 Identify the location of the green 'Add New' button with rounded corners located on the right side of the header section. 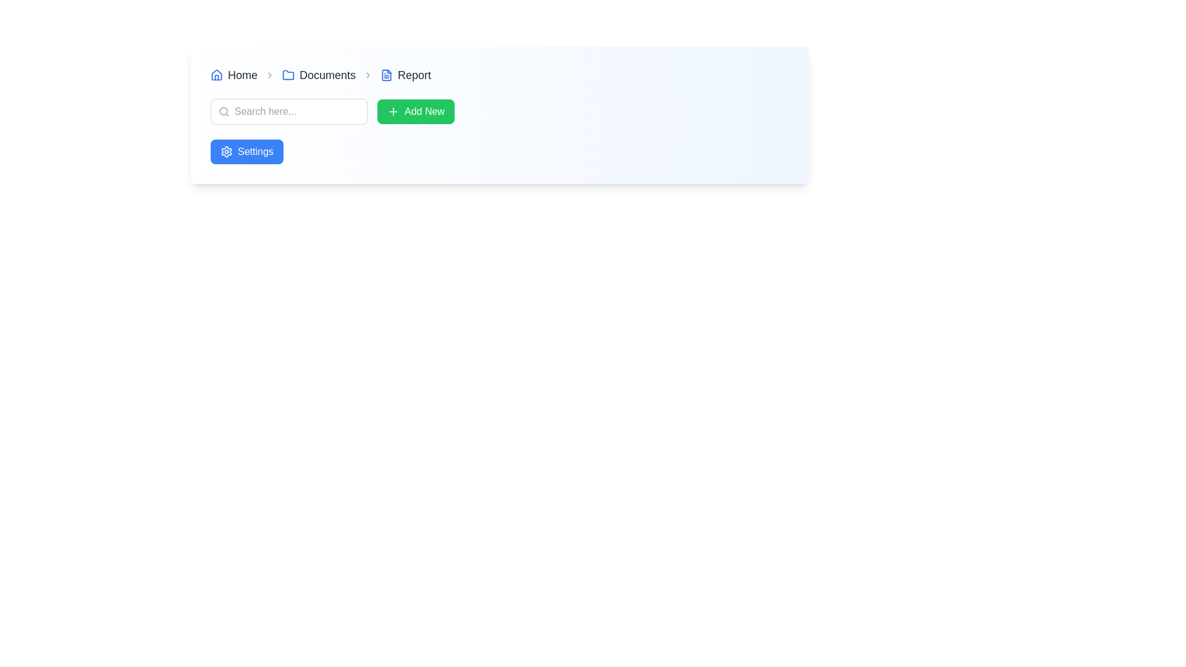
(416, 112).